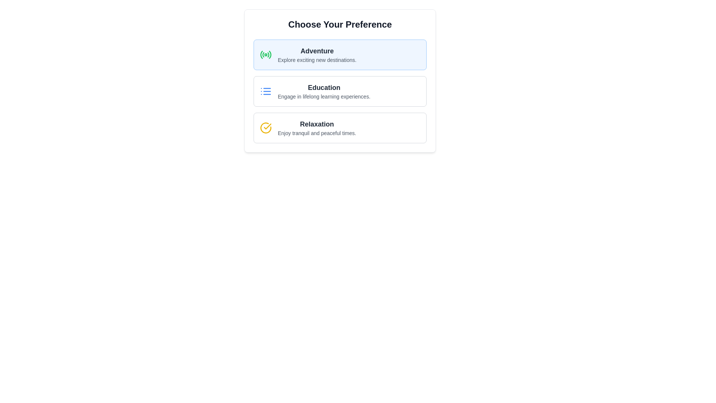 This screenshot has width=716, height=403. What do you see at coordinates (268, 54) in the screenshot?
I see `the decorative icon component representing 'radio waves' located to the left of the 'Adventure' text` at bounding box center [268, 54].